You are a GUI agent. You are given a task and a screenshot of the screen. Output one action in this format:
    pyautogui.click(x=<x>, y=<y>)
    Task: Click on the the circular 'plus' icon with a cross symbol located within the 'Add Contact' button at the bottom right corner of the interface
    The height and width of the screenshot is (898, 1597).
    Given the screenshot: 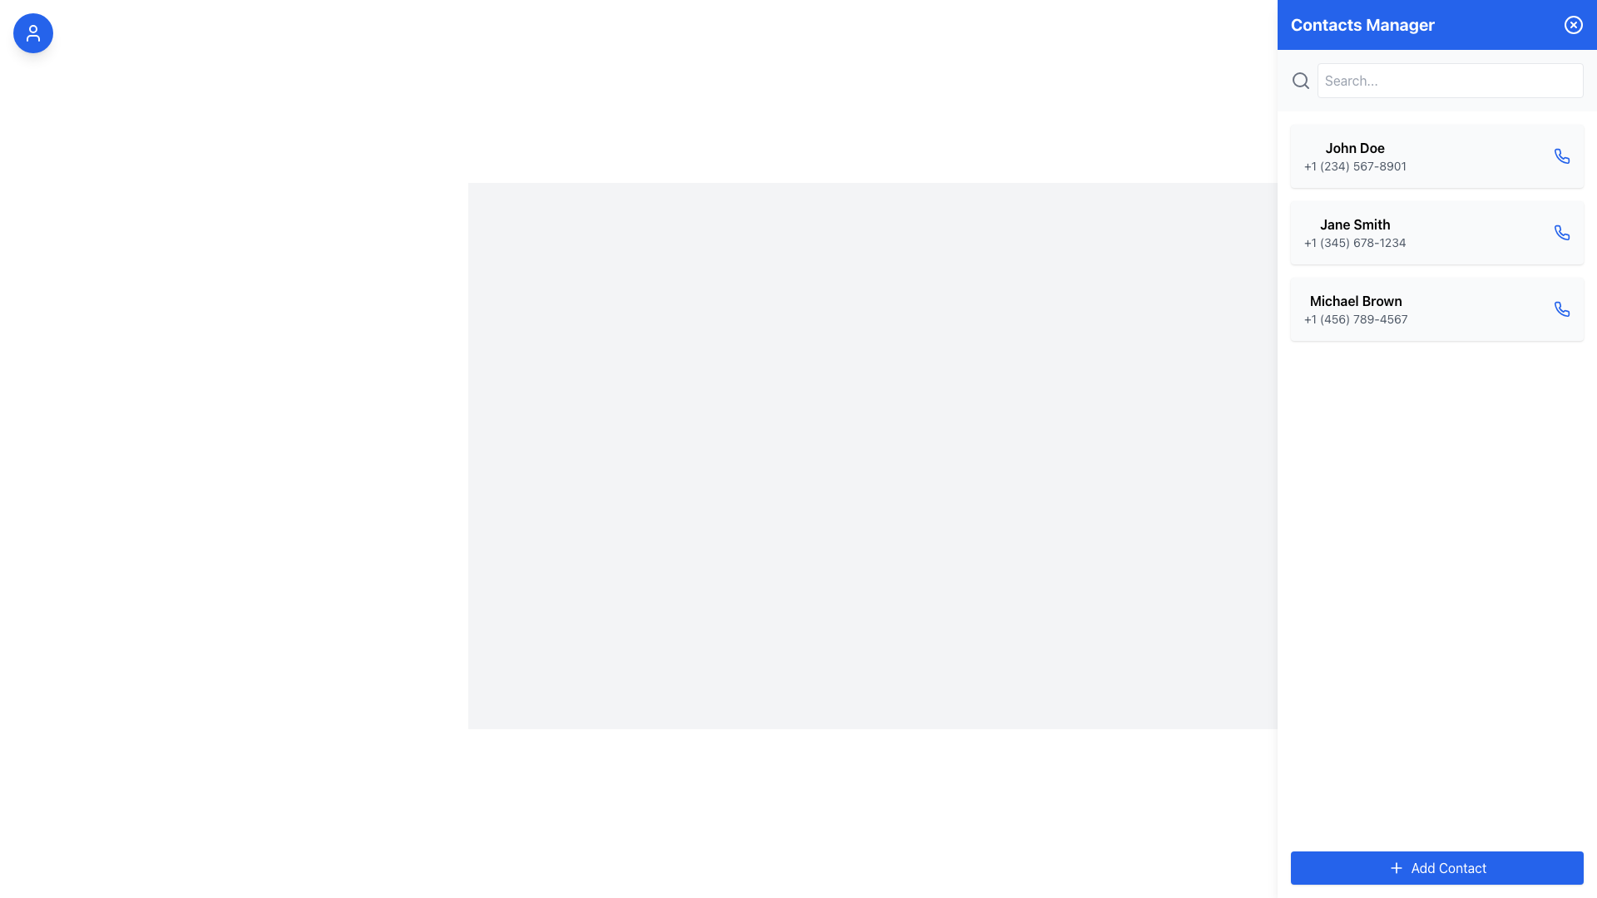 What is the action you would take?
    pyautogui.click(x=1396, y=867)
    